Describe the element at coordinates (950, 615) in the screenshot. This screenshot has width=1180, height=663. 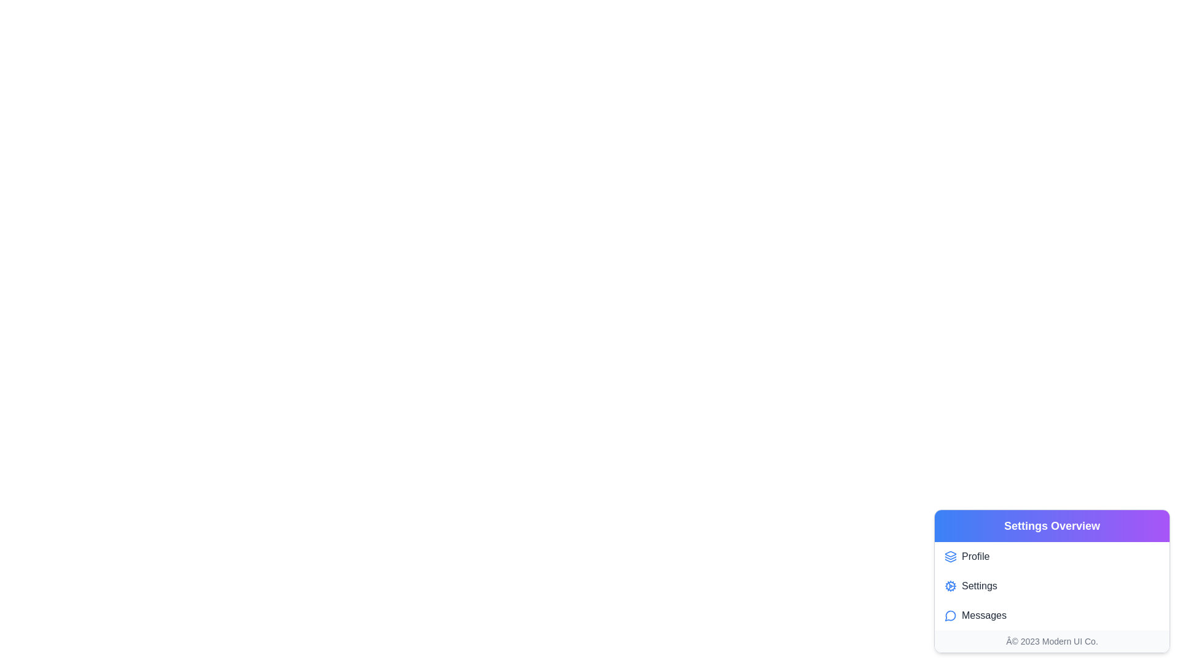
I see `the 'Messages' icon located in the vertical menu section next to the text label 'Messages'` at that location.